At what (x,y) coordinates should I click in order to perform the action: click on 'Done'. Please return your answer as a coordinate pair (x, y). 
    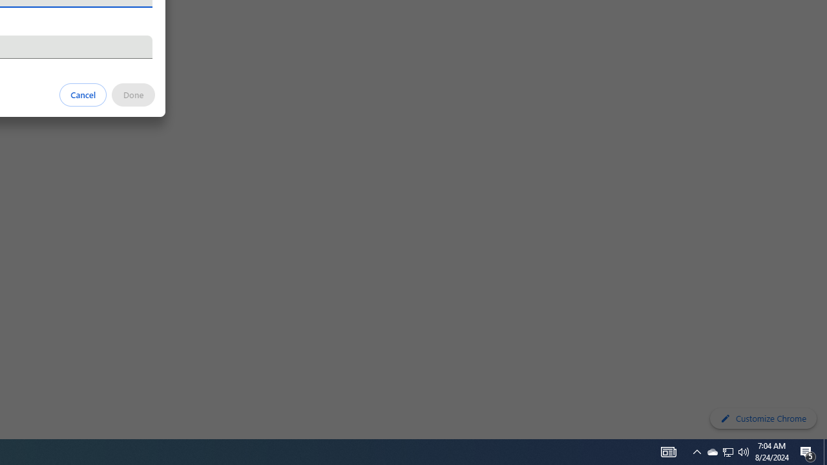
    Looking at the image, I should click on (133, 94).